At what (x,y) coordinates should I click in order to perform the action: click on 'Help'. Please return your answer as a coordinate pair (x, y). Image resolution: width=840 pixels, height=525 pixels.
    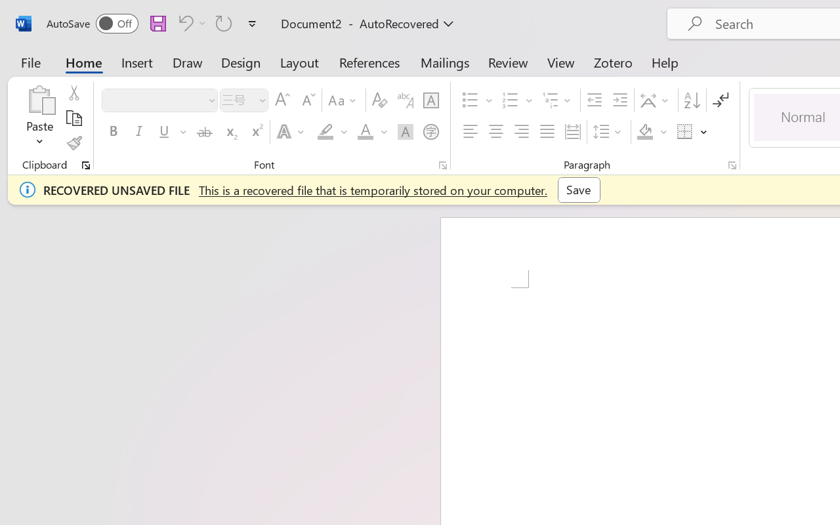
    Looking at the image, I should click on (665, 62).